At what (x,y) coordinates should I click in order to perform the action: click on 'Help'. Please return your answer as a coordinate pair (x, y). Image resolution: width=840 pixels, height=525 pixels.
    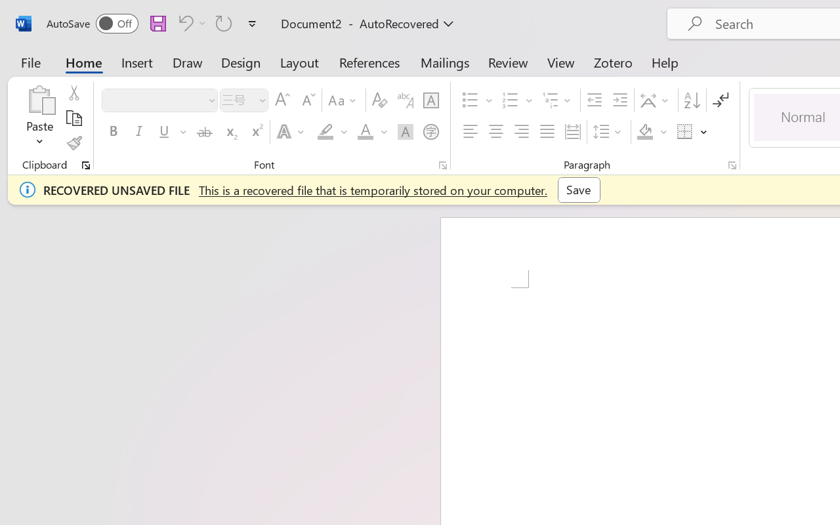
    Looking at the image, I should click on (665, 62).